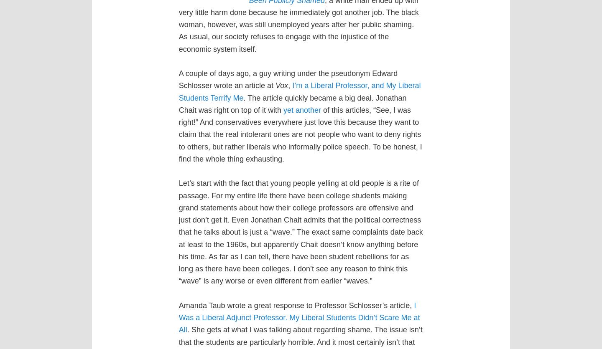 This screenshot has height=349, width=602. Describe the element at coordinates (301, 110) in the screenshot. I see `'yet another'` at that location.